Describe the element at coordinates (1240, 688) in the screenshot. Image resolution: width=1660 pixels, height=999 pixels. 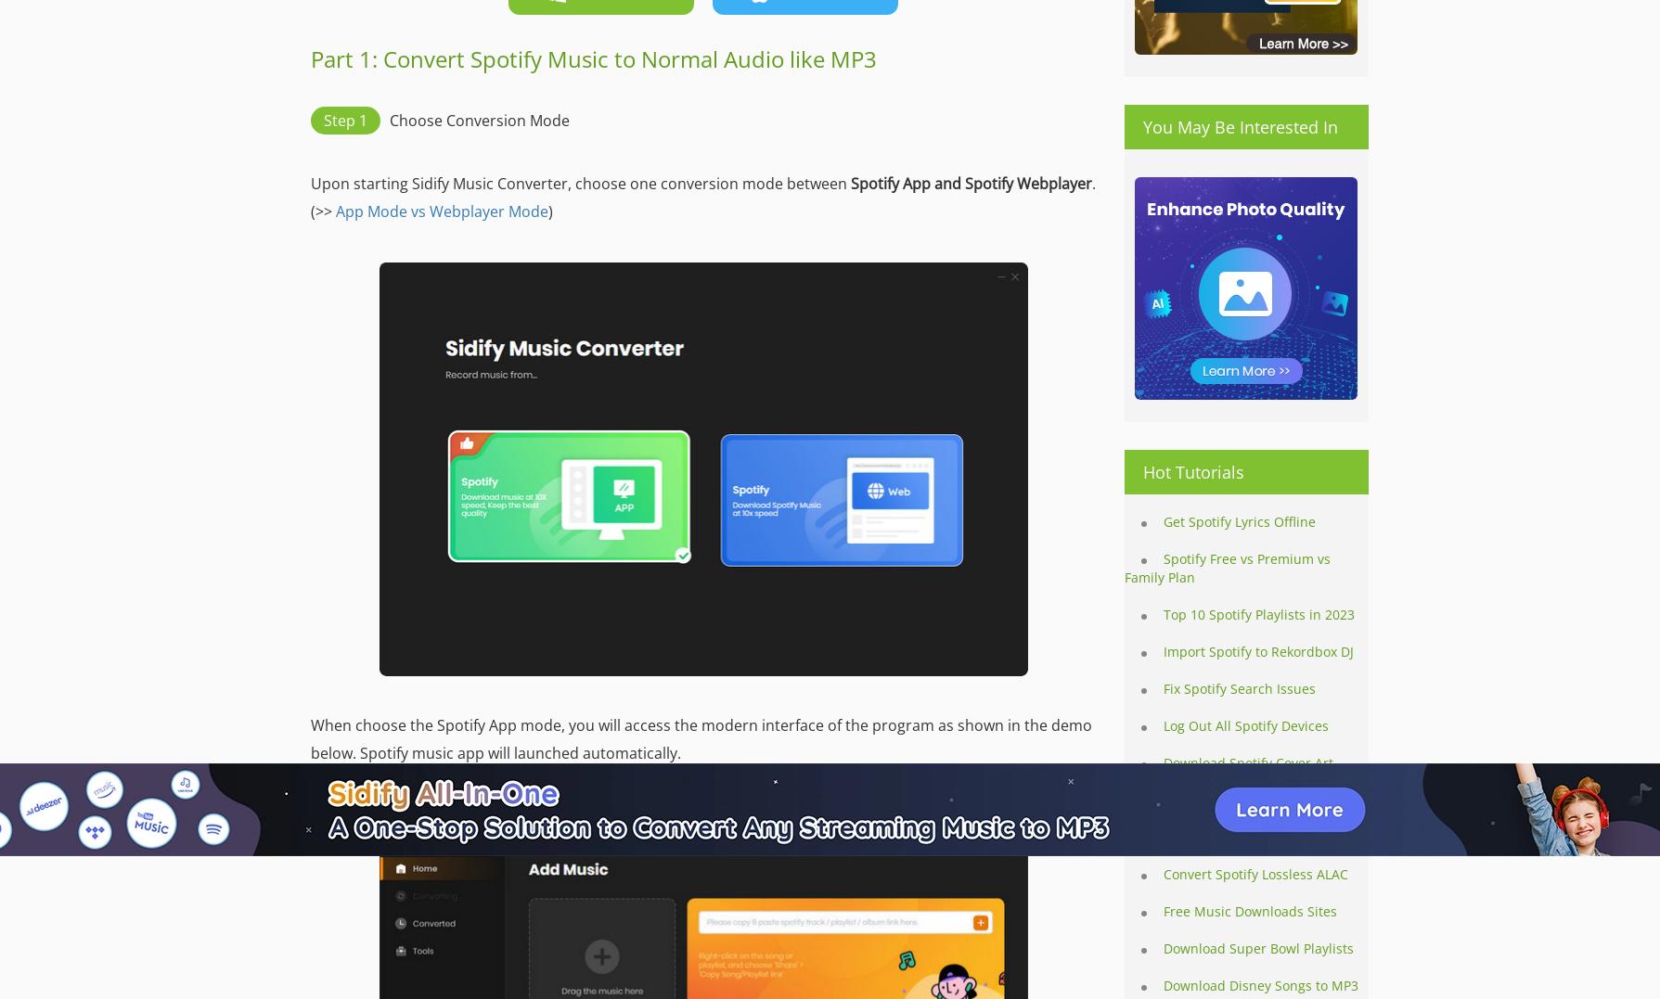
I see `'Fix Spotify Search Issues'` at that location.